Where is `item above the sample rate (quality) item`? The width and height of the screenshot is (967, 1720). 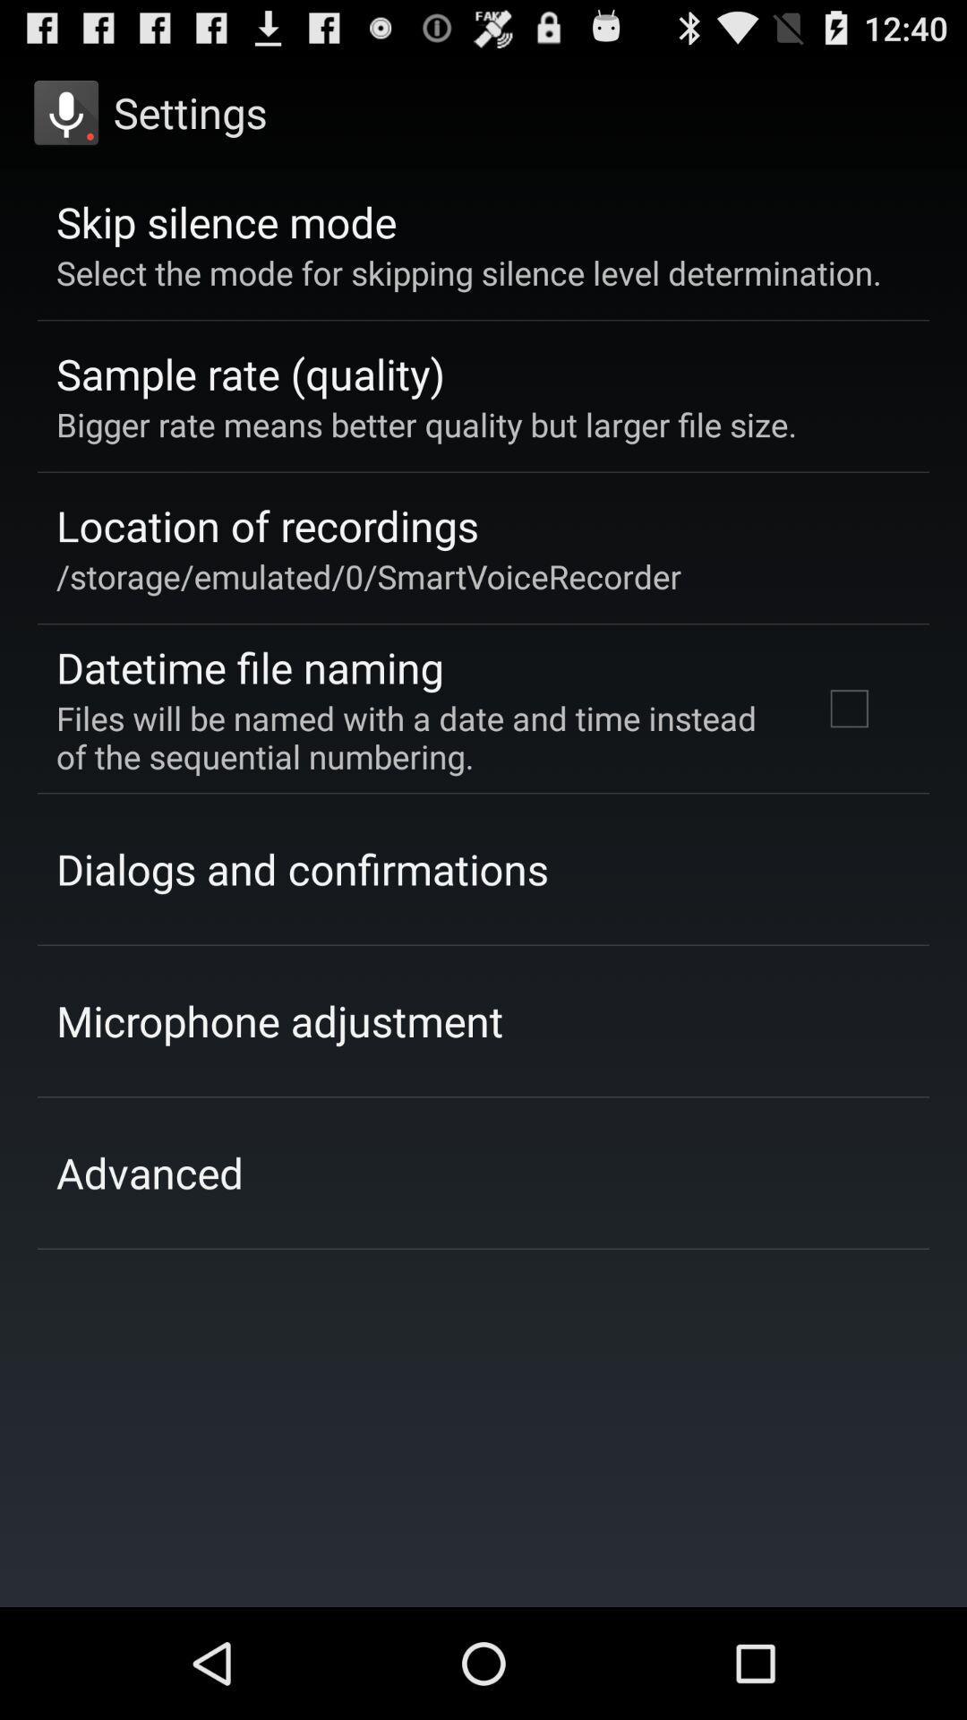 item above the sample rate (quality) item is located at coordinates (467, 271).